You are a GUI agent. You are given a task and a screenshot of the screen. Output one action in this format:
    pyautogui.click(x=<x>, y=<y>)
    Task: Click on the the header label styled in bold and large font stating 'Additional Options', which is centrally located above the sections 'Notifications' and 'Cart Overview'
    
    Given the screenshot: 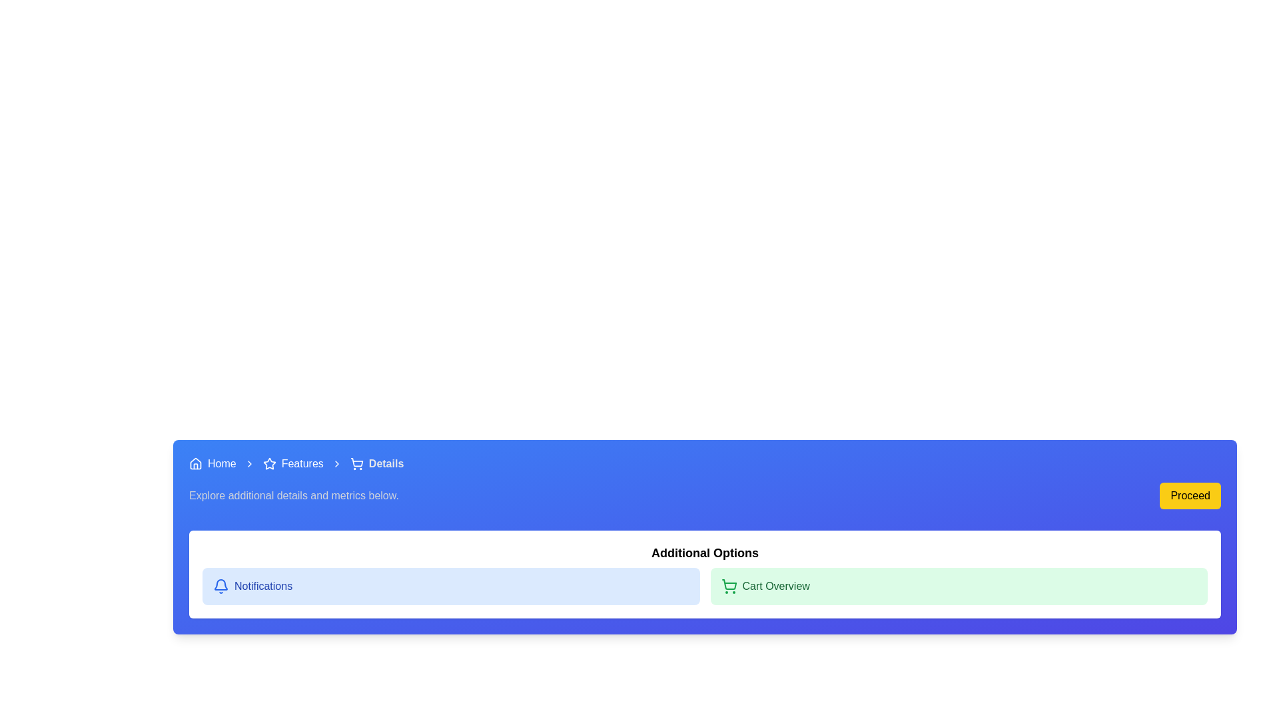 What is the action you would take?
    pyautogui.click(x=704, y=553)
    